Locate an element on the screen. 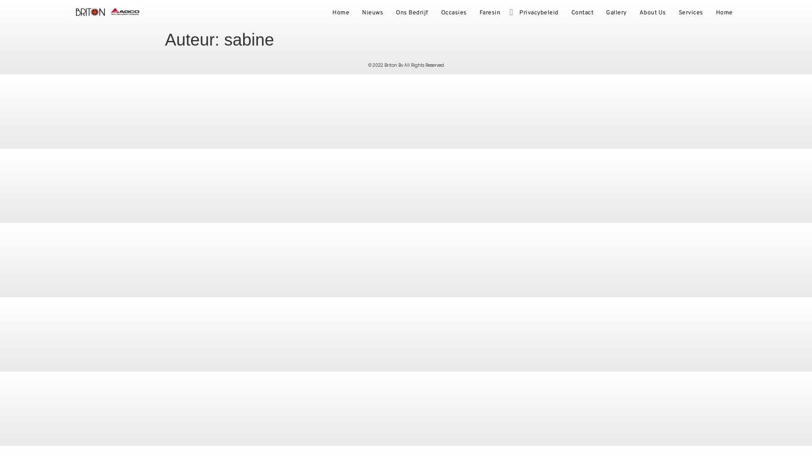 This screenshot has width=812, height=456. 'Contact' is located at coordinates (582, 13).